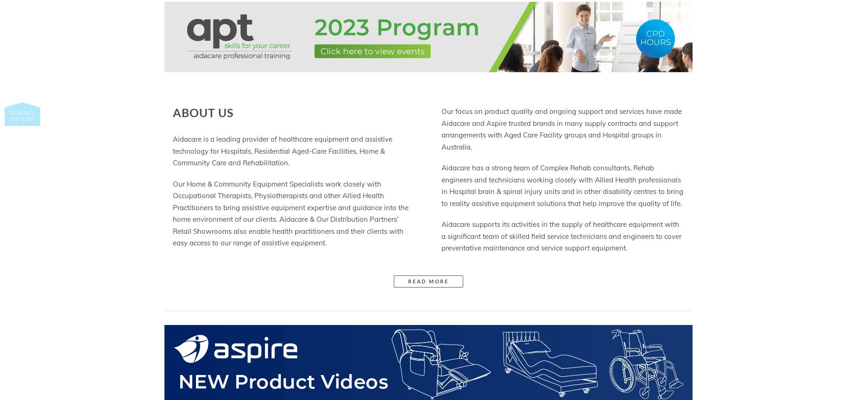  What do you see at coordinates (282, 150) in the screenshot?
I see `'Aidacare is a leading provider of healthcare equipment and assistive technology for Hospitals, Residential Aged-Care Facilities, Home & Community Care and Rehabilitation.'` at bounding box center [282, 150].